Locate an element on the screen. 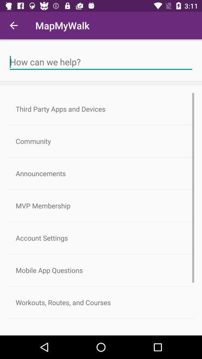  icon above community item is located at coordinates (101, 108).